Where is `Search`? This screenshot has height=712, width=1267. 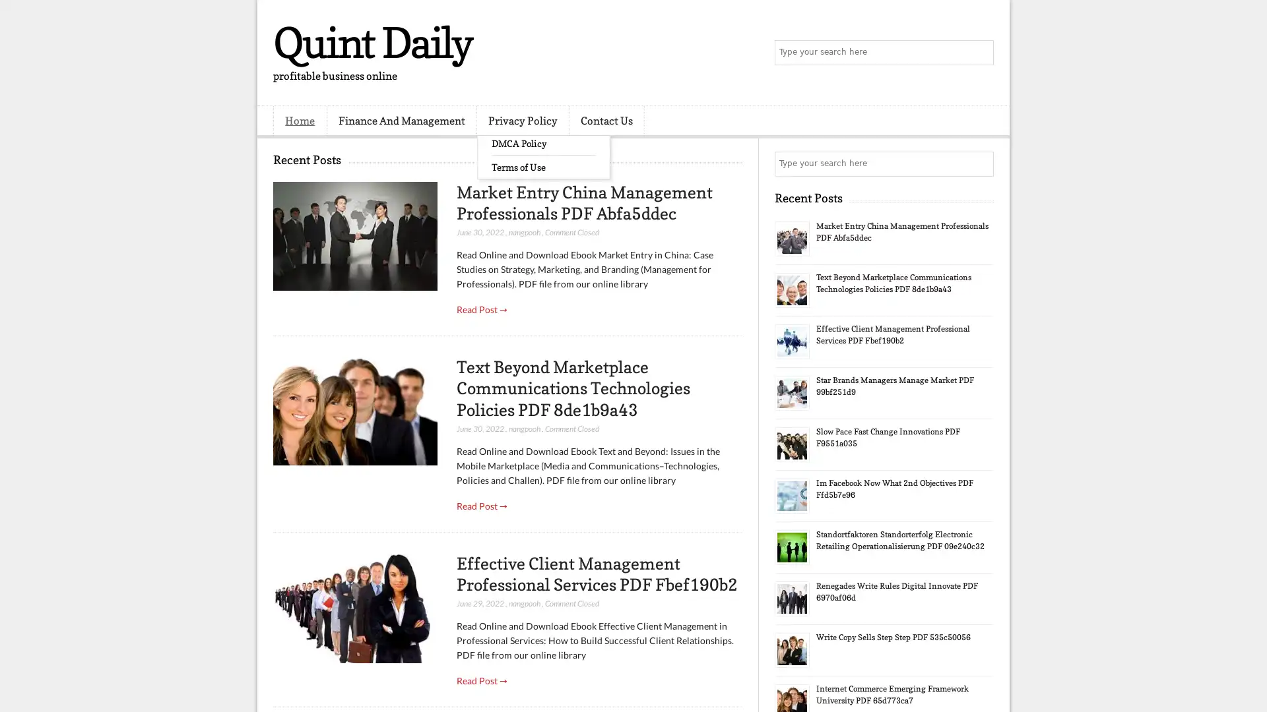 Search is located at coordinates (980, 53).